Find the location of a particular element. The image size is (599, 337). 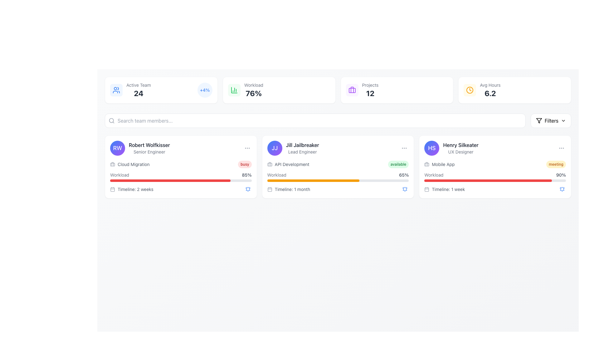

static text label displaying 'Avg Hours' which is styled in gray and positioned above the numerical value '6.2' is located at coordinates (490, 85).